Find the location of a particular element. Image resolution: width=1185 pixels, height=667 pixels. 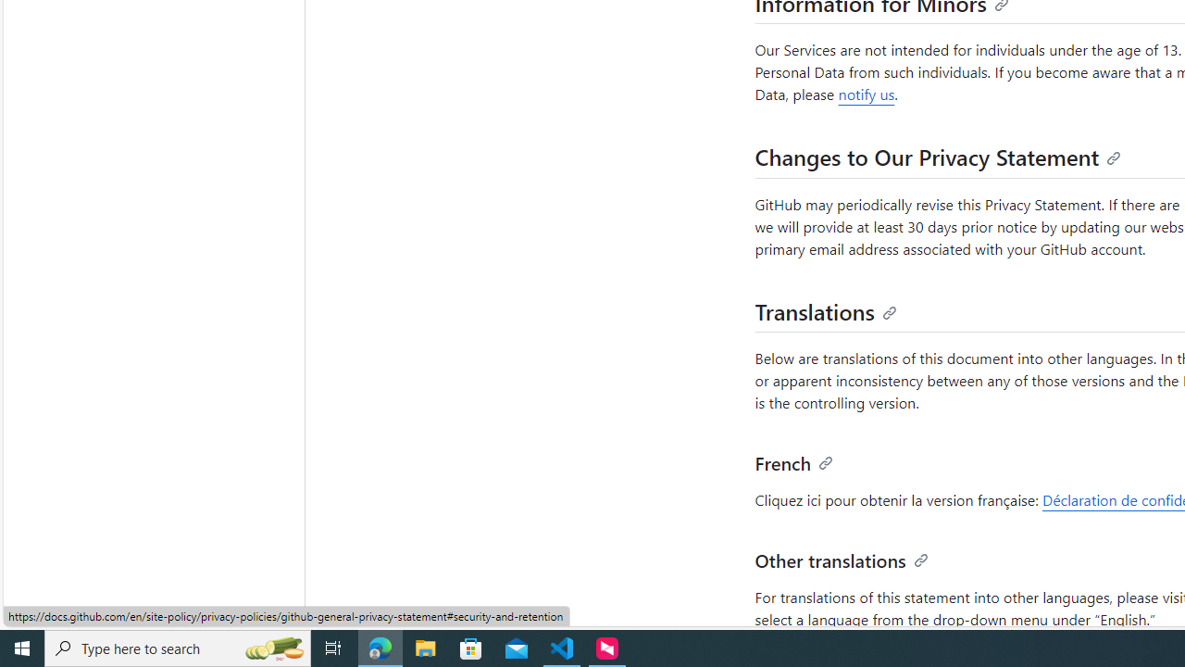

'Other translations' is located at coordinates (841, 558).